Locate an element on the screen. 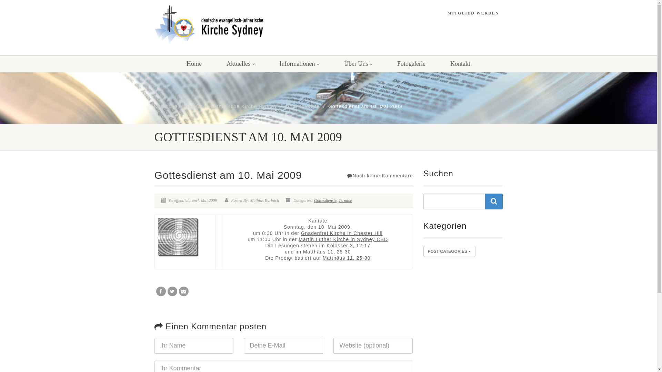 Image resolution: width=662 pixels, height=372 pixels. 'Aktuelles' is located at coordinates (240, 64).